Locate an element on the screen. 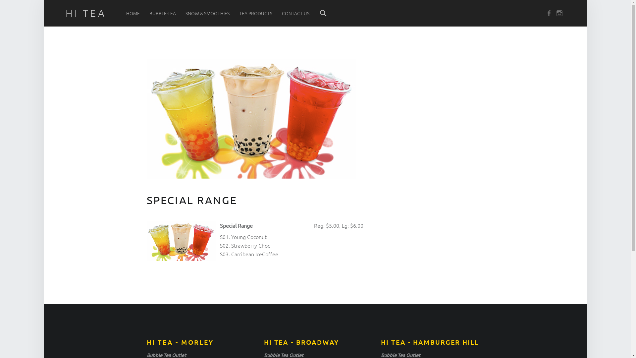 The image size is (636, 358). 'Instagram' is located at coordinates (556, 13).